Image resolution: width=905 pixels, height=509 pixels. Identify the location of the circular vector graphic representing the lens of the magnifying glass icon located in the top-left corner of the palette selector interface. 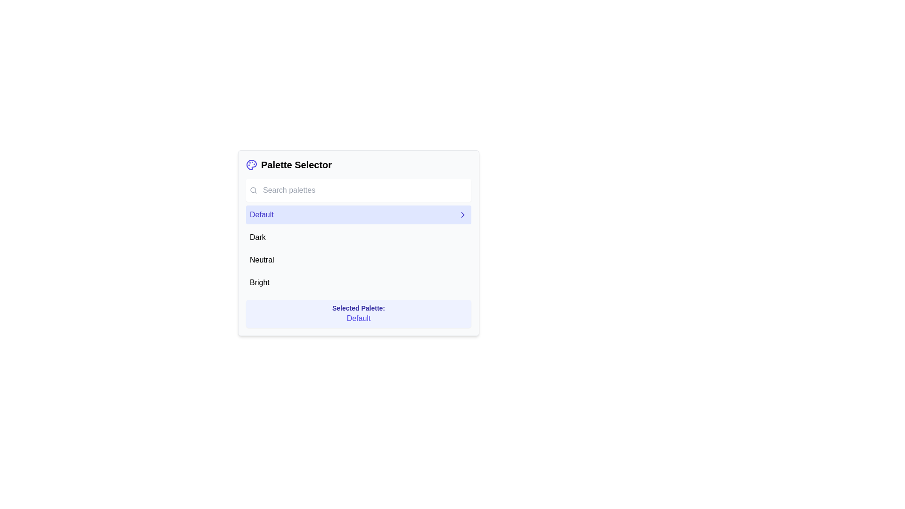
(253, 190).